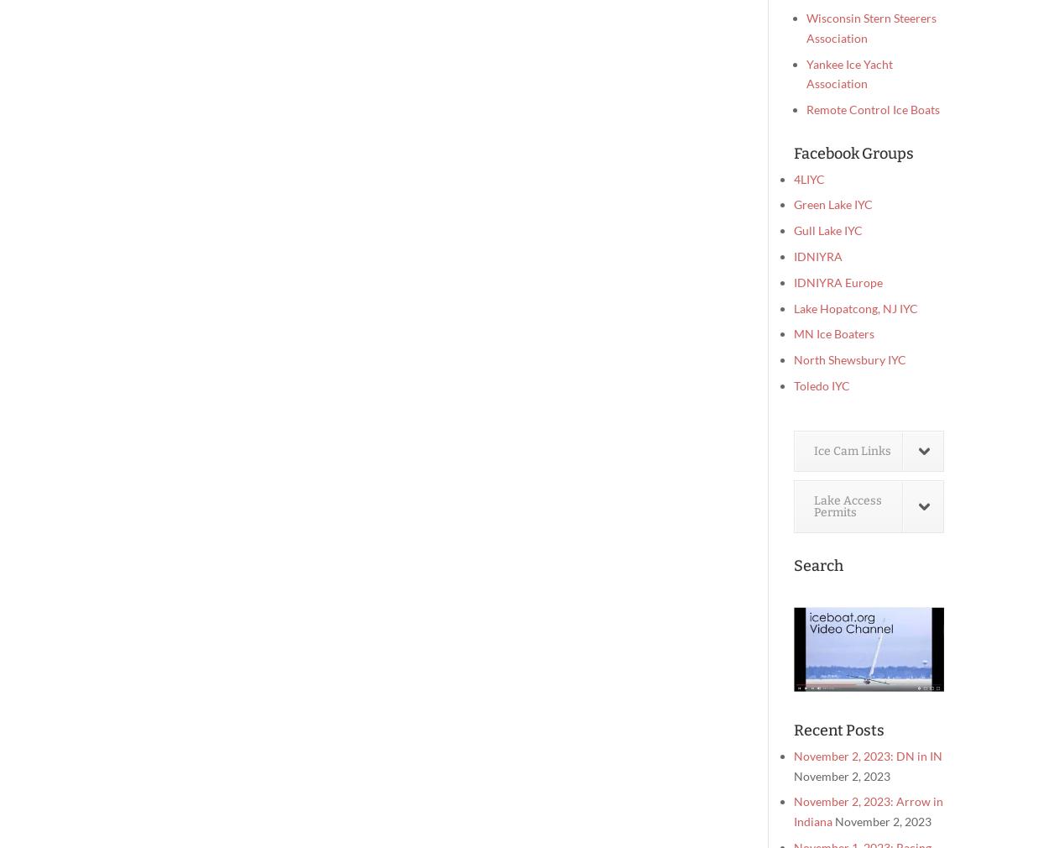 Image resolution: width=1049 pixels, height=848 pixels. What do you see at coordinates (849, 72) in the screenshot?
I see `'Yankee Ice Yacht Association'` at bounding box center [849, 72].